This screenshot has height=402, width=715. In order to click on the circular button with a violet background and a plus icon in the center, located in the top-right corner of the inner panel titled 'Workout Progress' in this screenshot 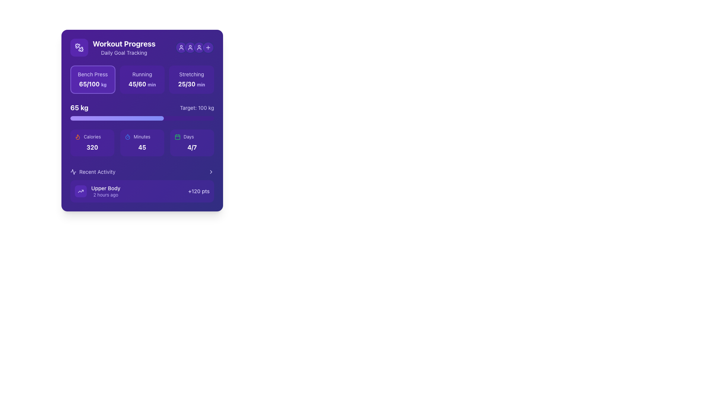, I will do `click(208, 47)`.